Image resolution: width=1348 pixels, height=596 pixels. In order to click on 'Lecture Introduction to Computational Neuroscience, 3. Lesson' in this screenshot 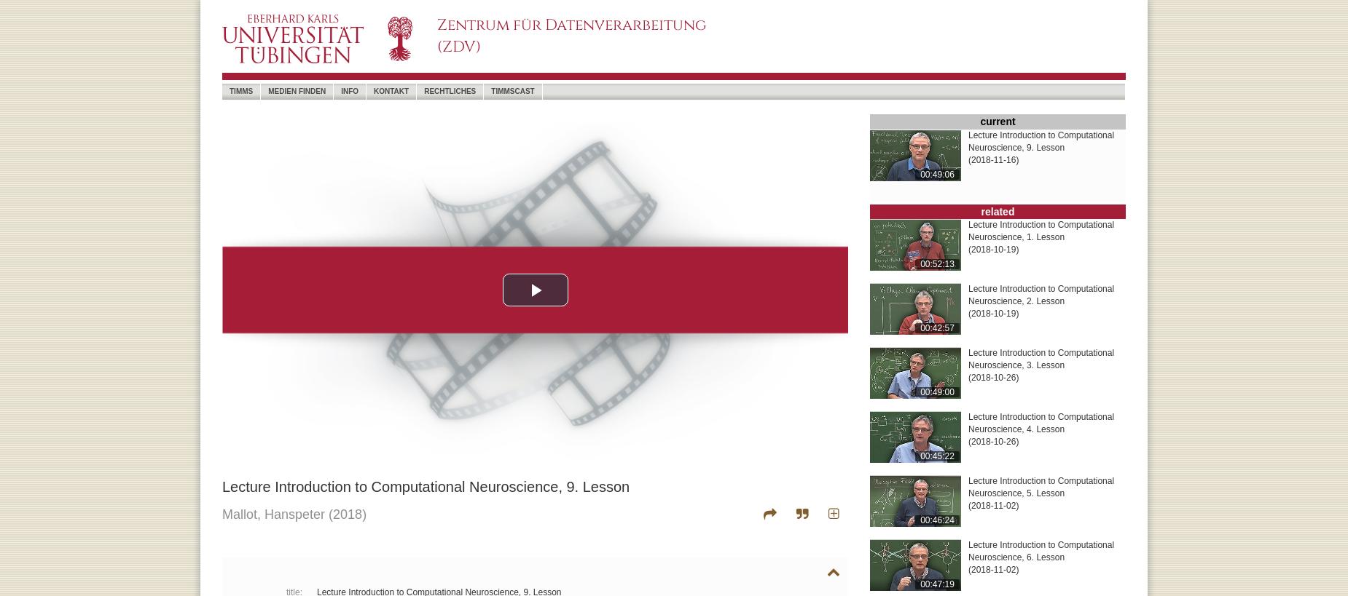, I will do `click(1041, 358)`.